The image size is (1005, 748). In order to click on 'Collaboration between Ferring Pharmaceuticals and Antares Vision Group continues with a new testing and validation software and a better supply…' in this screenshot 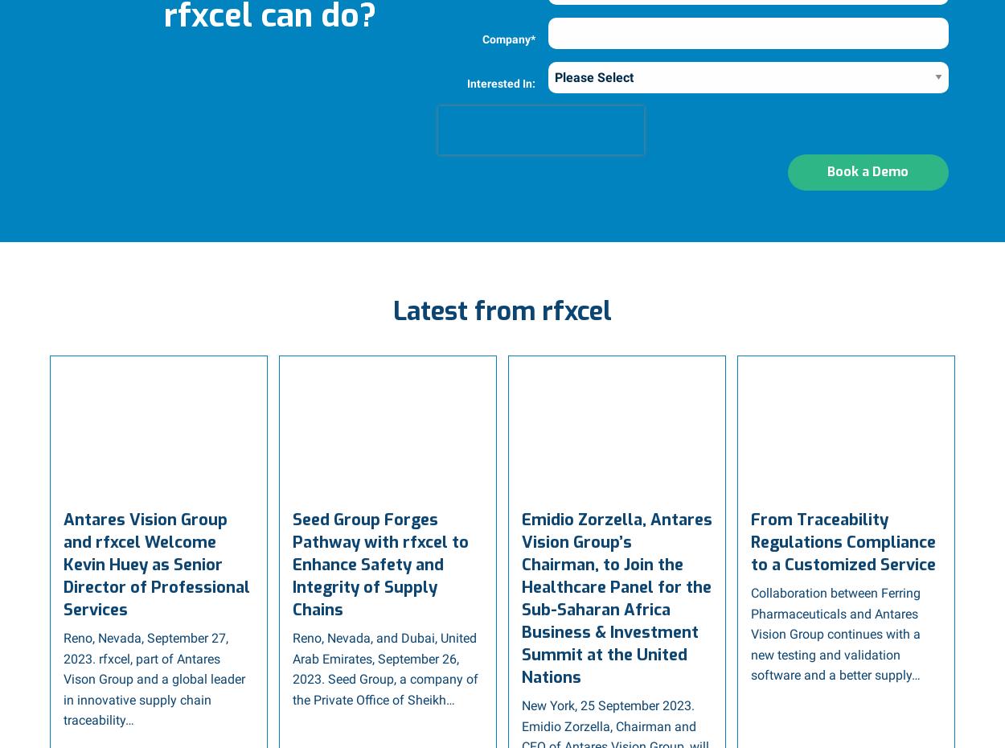, I will do `click(751, 632)`.